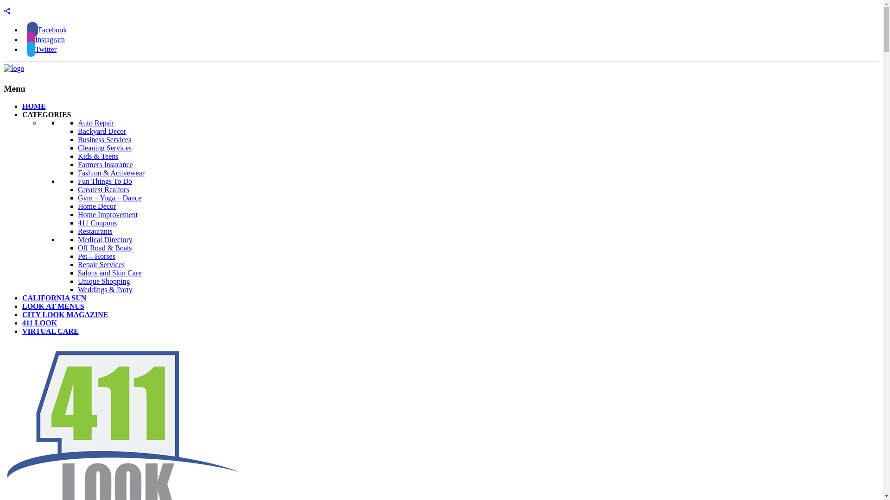 This screenshot has width=890, height=500. I want to click on 'Cleaning Services', so click(104, 147).